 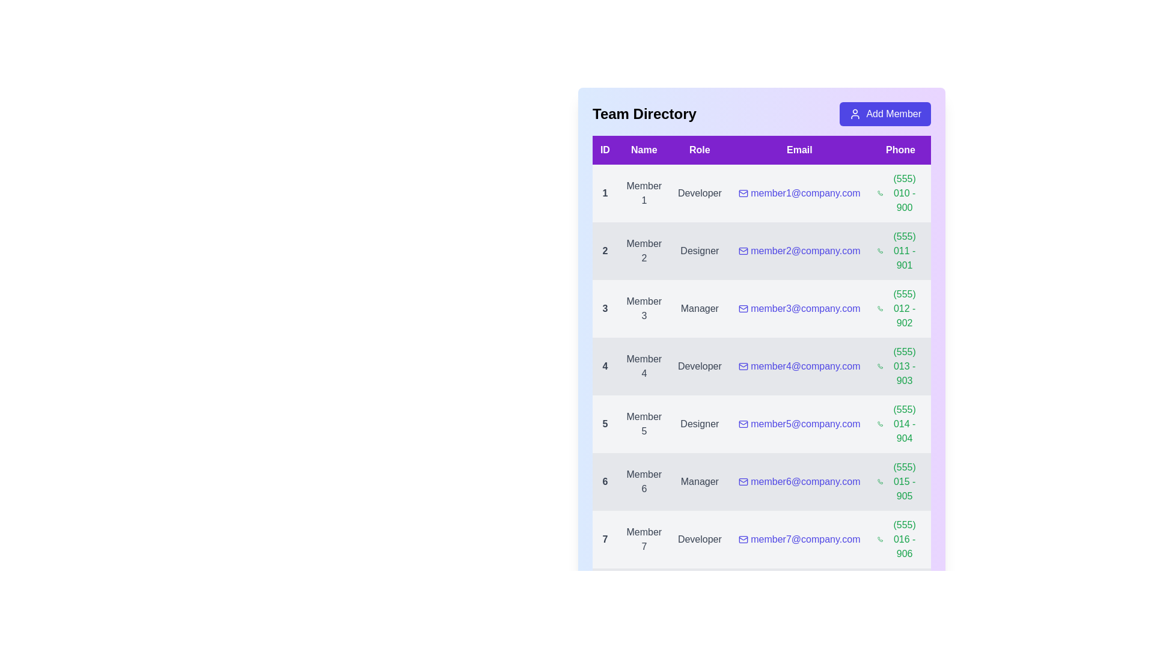 What do you see at coordinates (885, 114) in the screenshot?
I see `'Add Member' button to initiate the member addition process` at bounding box center [885, 114].